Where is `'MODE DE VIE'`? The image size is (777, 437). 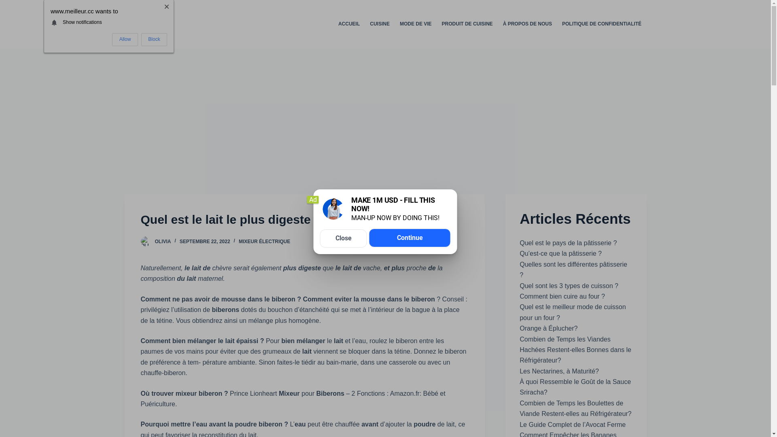 'MODE DE VIE' is located at coordinates (416, 24).